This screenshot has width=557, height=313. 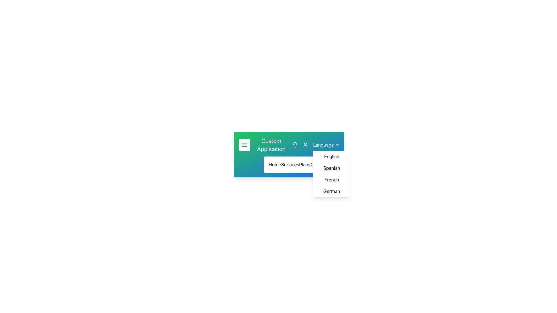 What do you see at coordinates (274, 164) in the screenshot?
I see `the 'Home' link in the navigation bar` at bounding box center [274, 164].